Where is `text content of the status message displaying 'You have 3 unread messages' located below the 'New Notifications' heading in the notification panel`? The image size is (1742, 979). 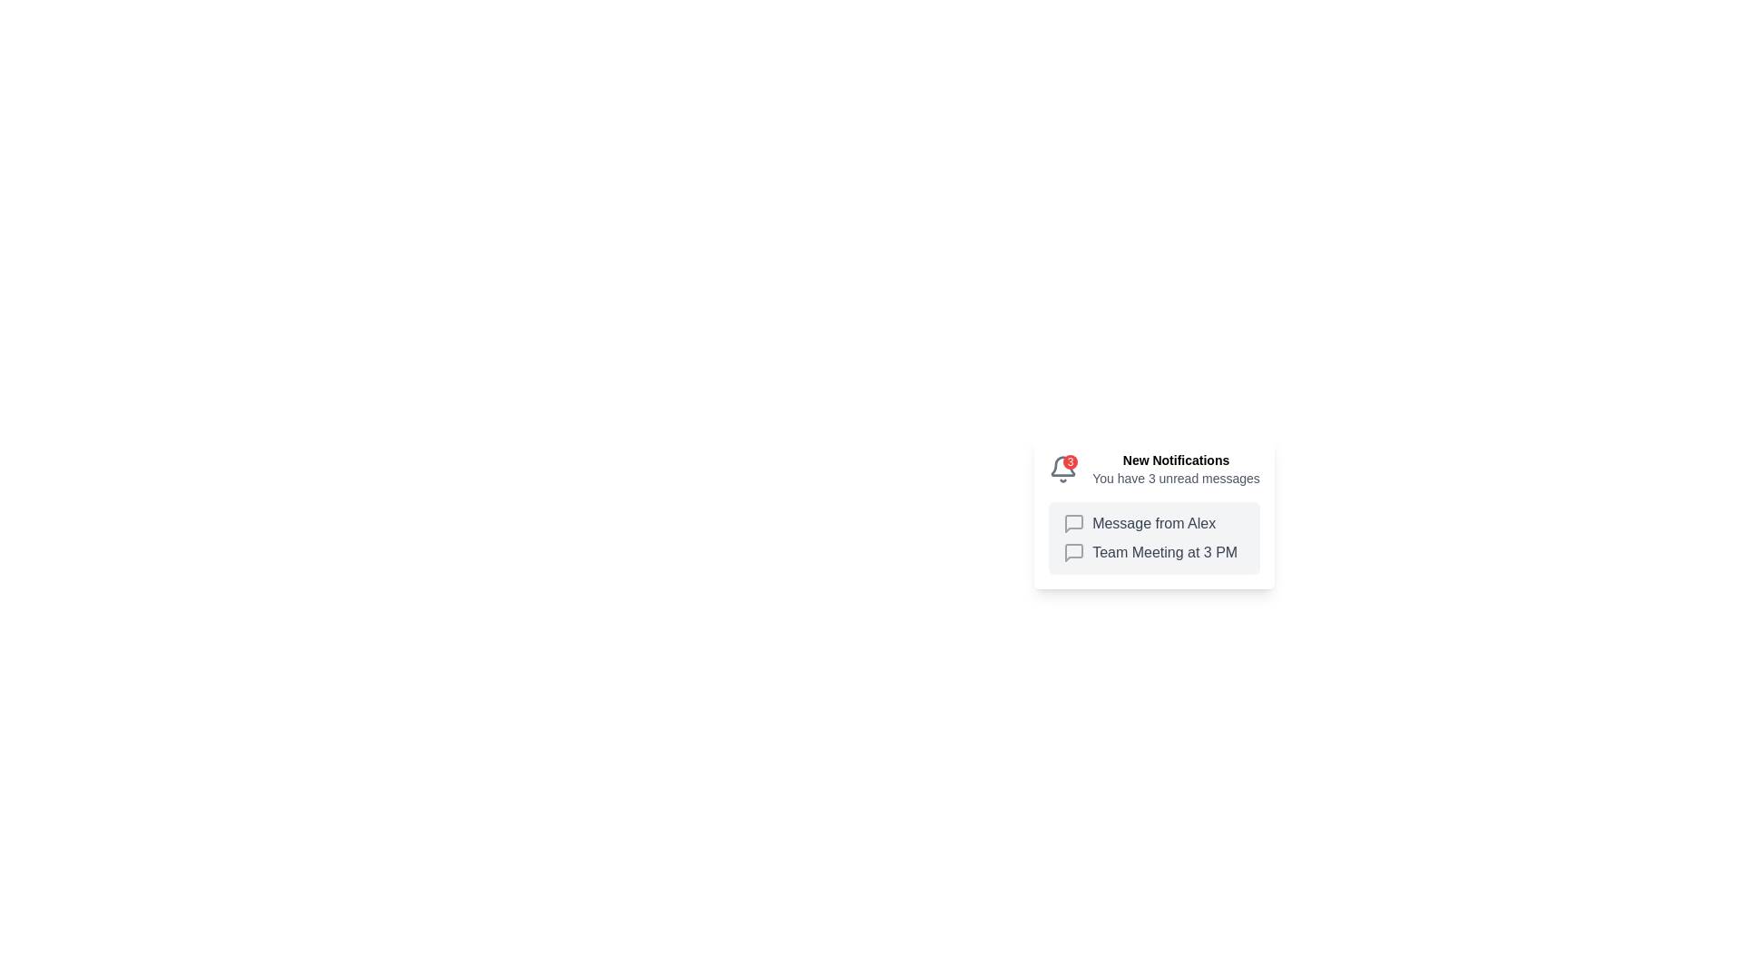
text content of the status message displaying 'You have 3 unread messages' located below the 'New Notifications' heading in the notification panel is located at coordinates (1176, 478).